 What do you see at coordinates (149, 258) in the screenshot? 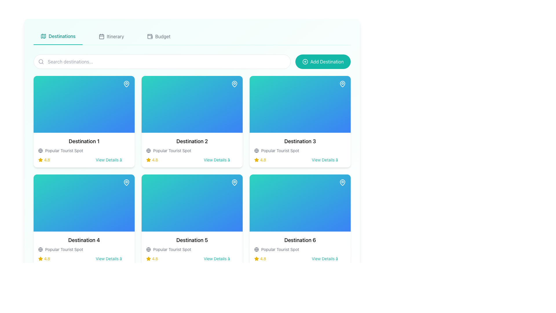
I see `the golden-yellow star icon representing a rating feature for 'Destination 5', located in the lower center of the card layout, near the rating text` at bounding box center [149, 258].